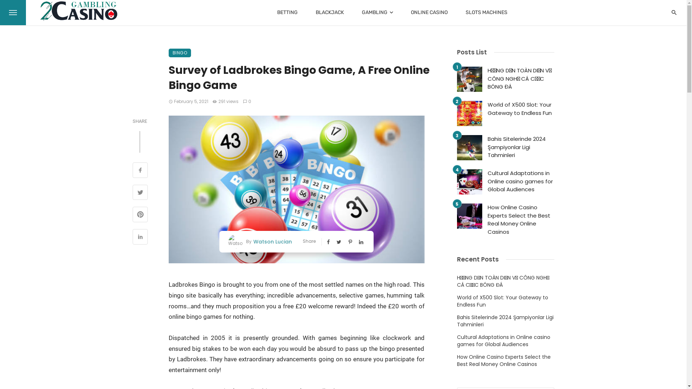 This screenshot has width=692, height=389. What do you see at coordinates (168, 52) in the screenshot?
I see `'BINGO'` at bounding box center [168, 52].